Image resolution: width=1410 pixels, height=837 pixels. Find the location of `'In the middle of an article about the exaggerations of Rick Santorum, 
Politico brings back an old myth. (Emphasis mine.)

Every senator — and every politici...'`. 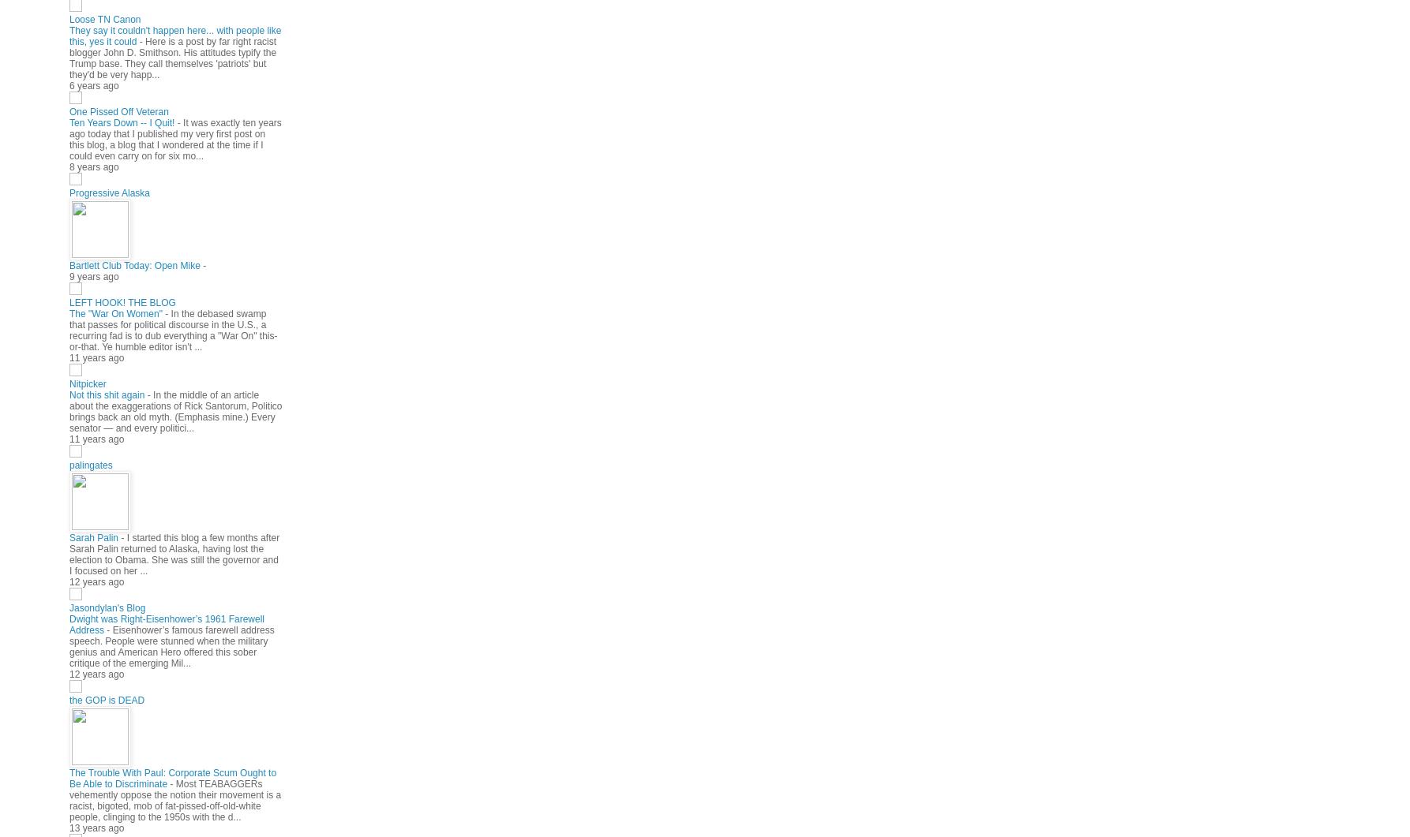

'In the middle of an article about the exaggerations of Rick Santorum, 
Politico brings back an old myth. (Emphasis mine.)

Every senator — and every politici...' is located at coordinates (174, 410).